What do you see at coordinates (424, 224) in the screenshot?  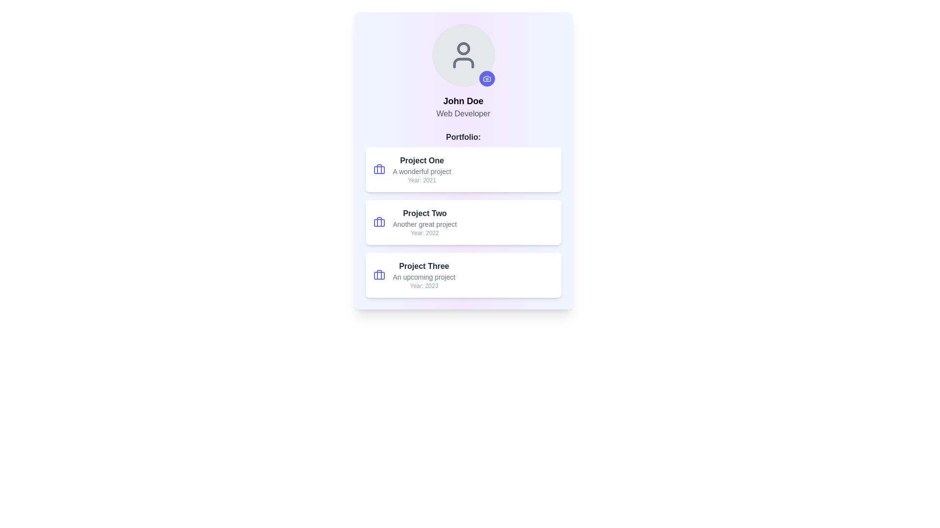 I see `the text label reading 'Another great project' located in the second card under the title 'Project Two'` at bounding box center [424, 224].